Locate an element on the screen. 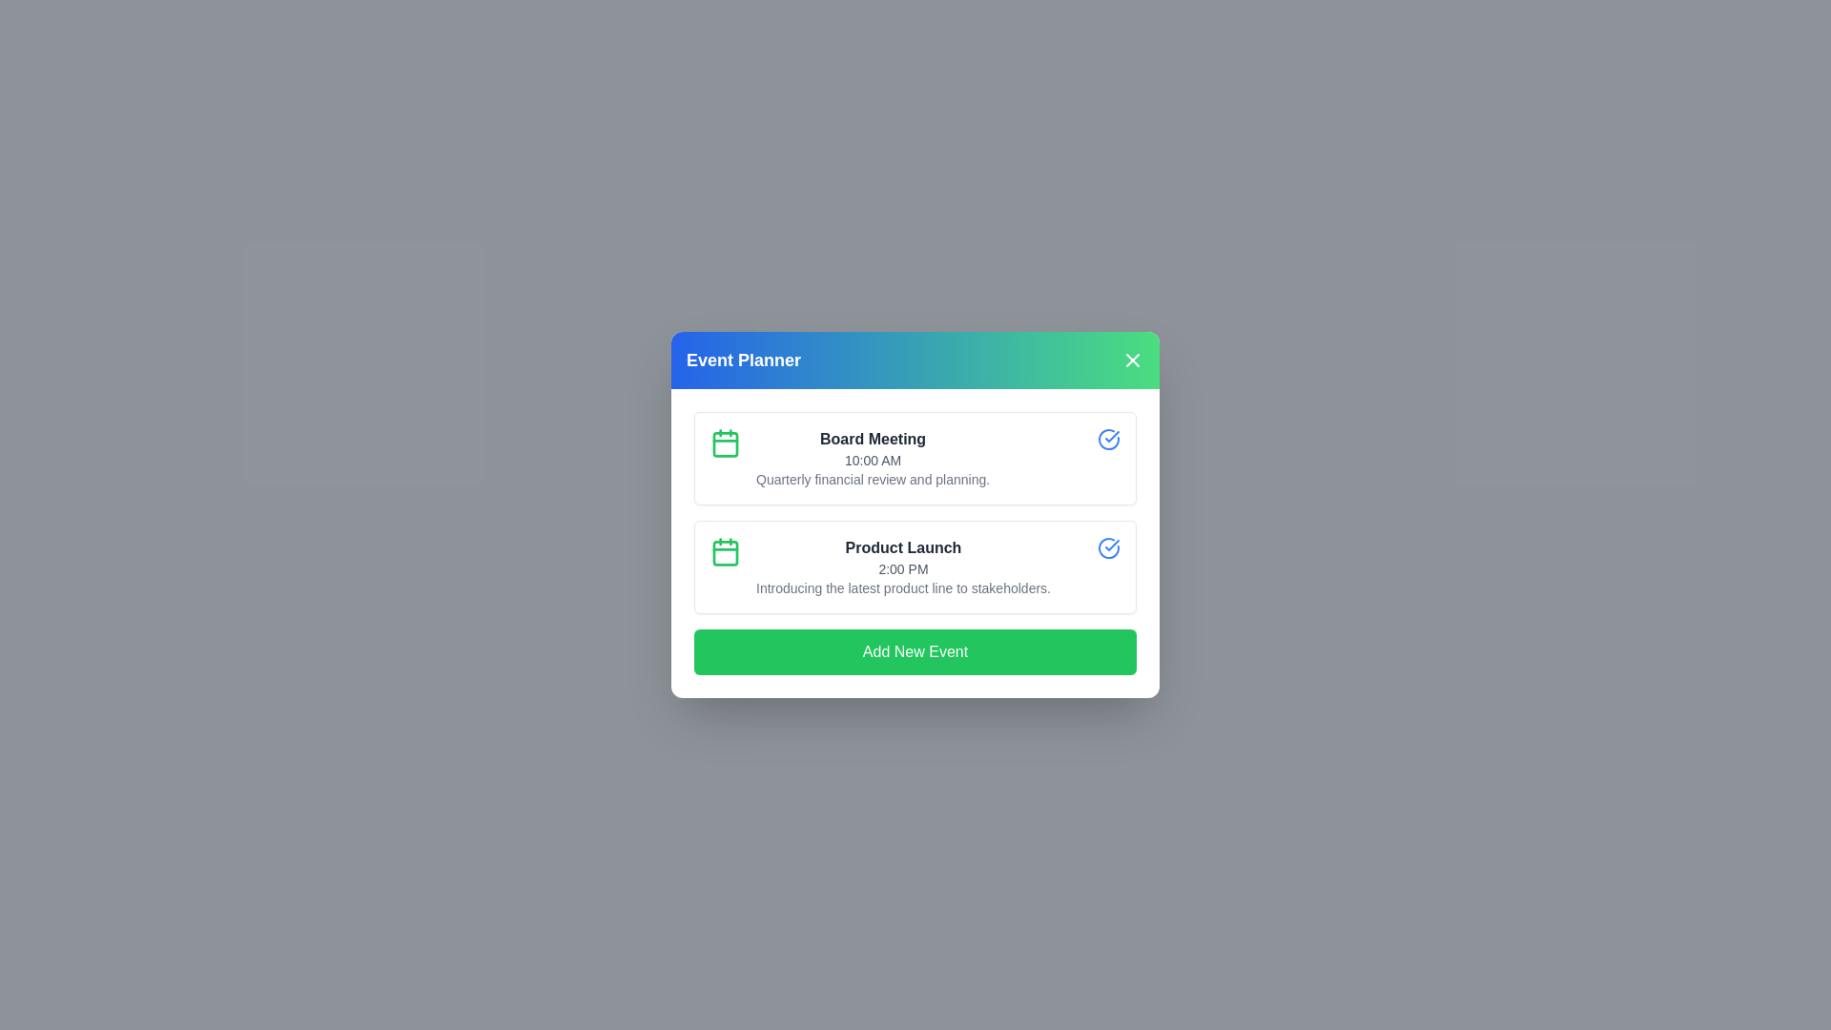  the Text Display that shows the scheduled time ('2:00 PM') for the 'Product Launch' event, located between the title and event description is located at coordinates (902, 568).